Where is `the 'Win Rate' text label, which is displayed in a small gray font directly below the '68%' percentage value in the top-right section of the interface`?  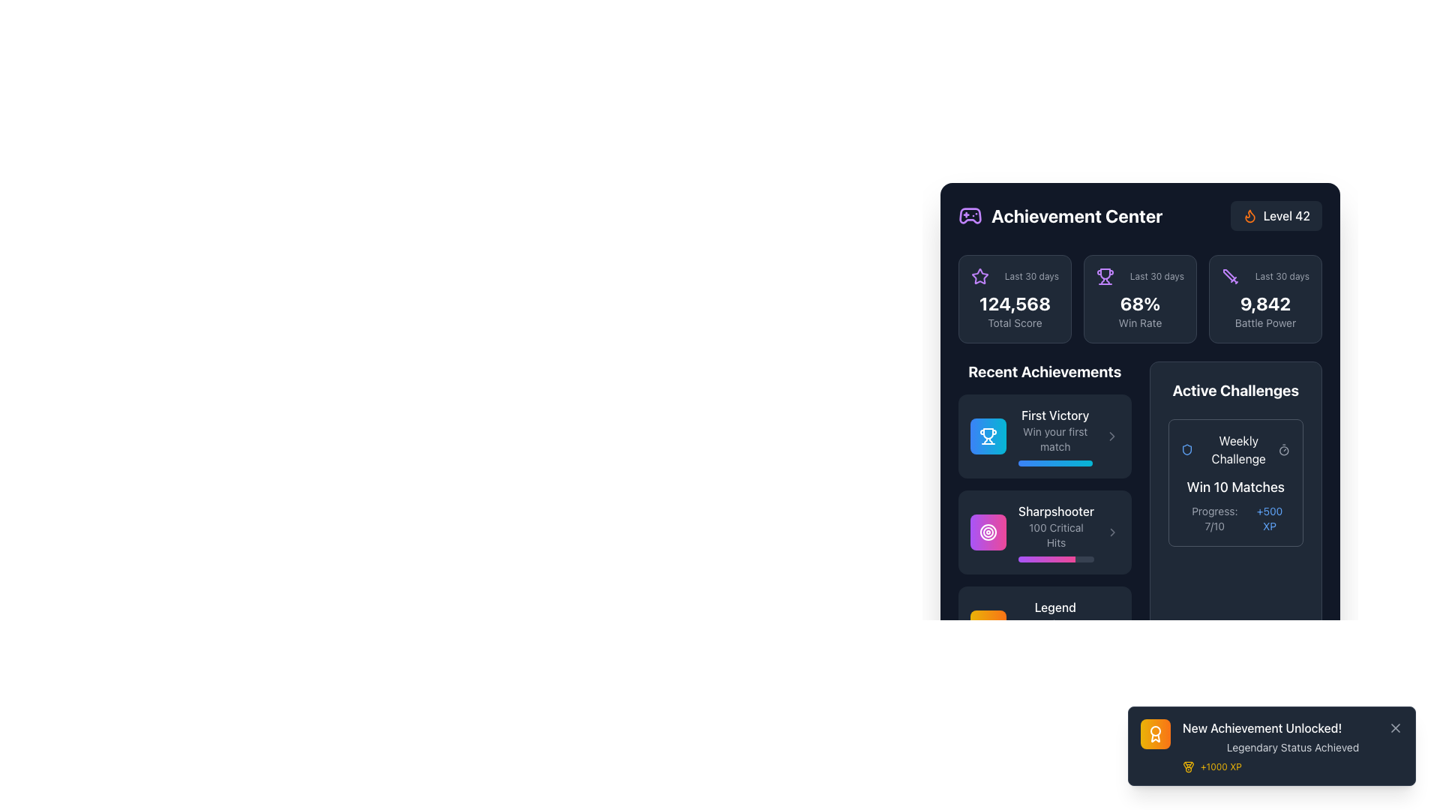
the 'Win Rate' text label, which is displayed in a small gray font directly below the '68%' percentage value in the top-right section of the interface is located at coordinates (1140, 322).